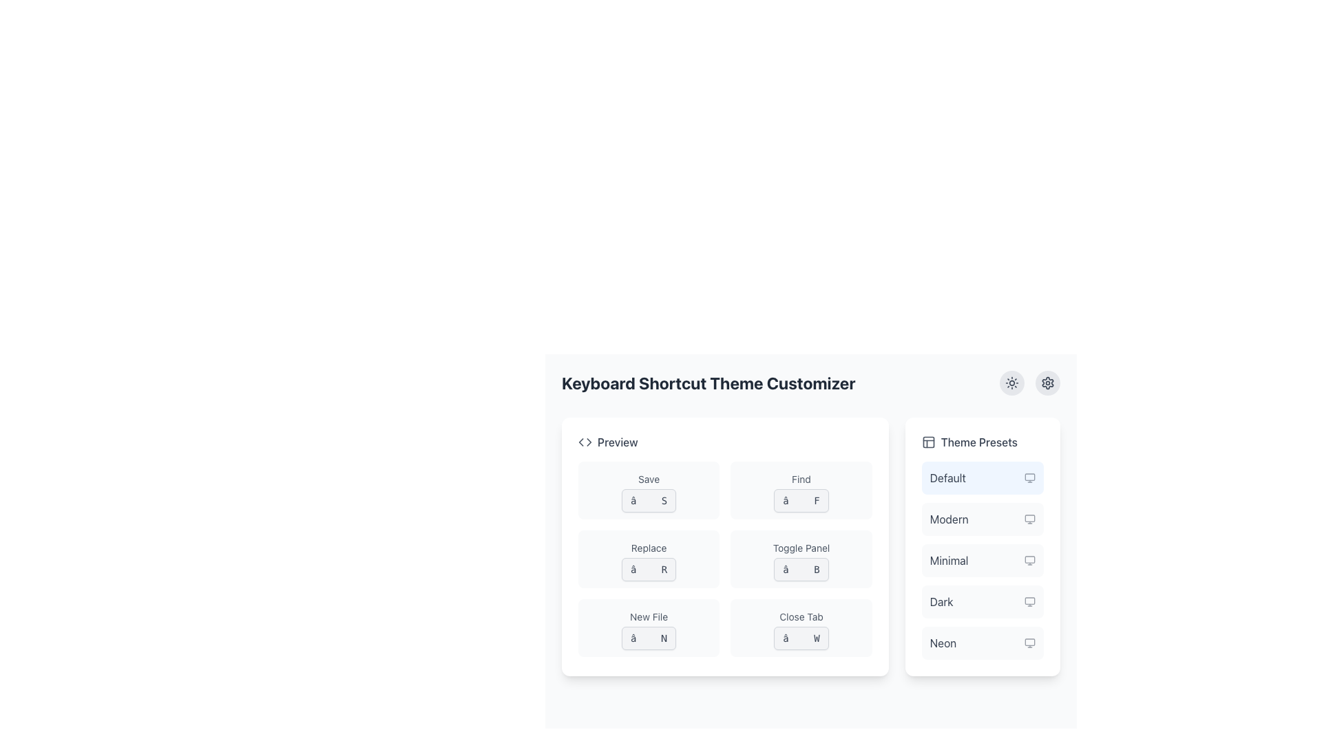 This screenshot has width=1322, height=743. I want to click on the selectable option in the 'Theme Presets' List panel, so click(982, 546).